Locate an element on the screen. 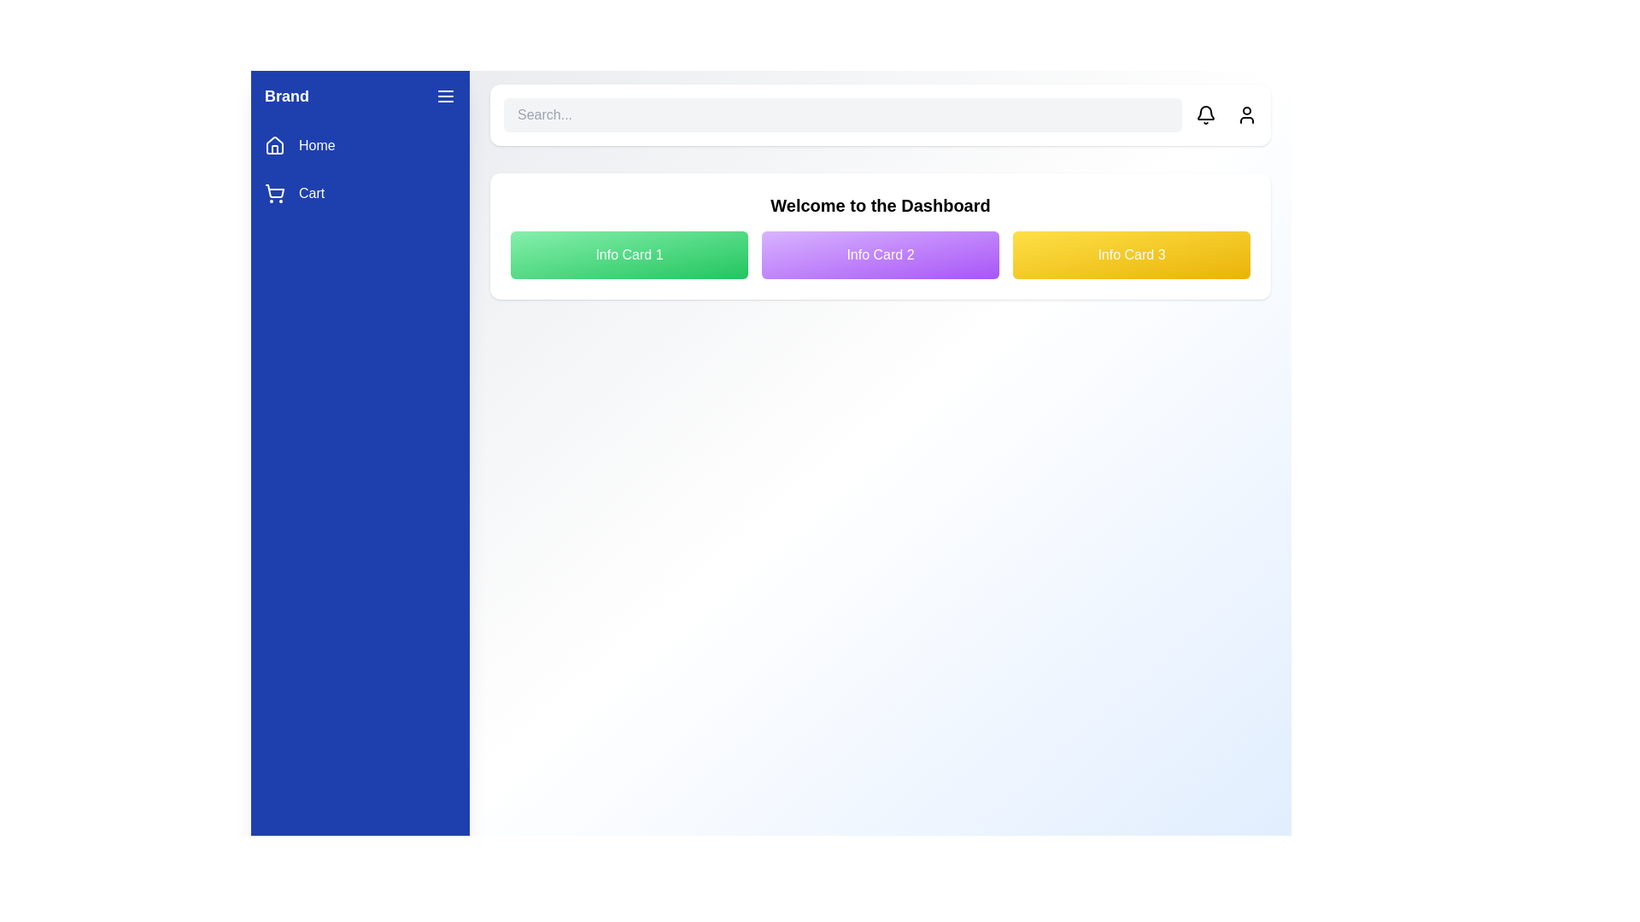 The image size is (1640, 922). the navigation menu item Home is located at coordinates (360, 144).